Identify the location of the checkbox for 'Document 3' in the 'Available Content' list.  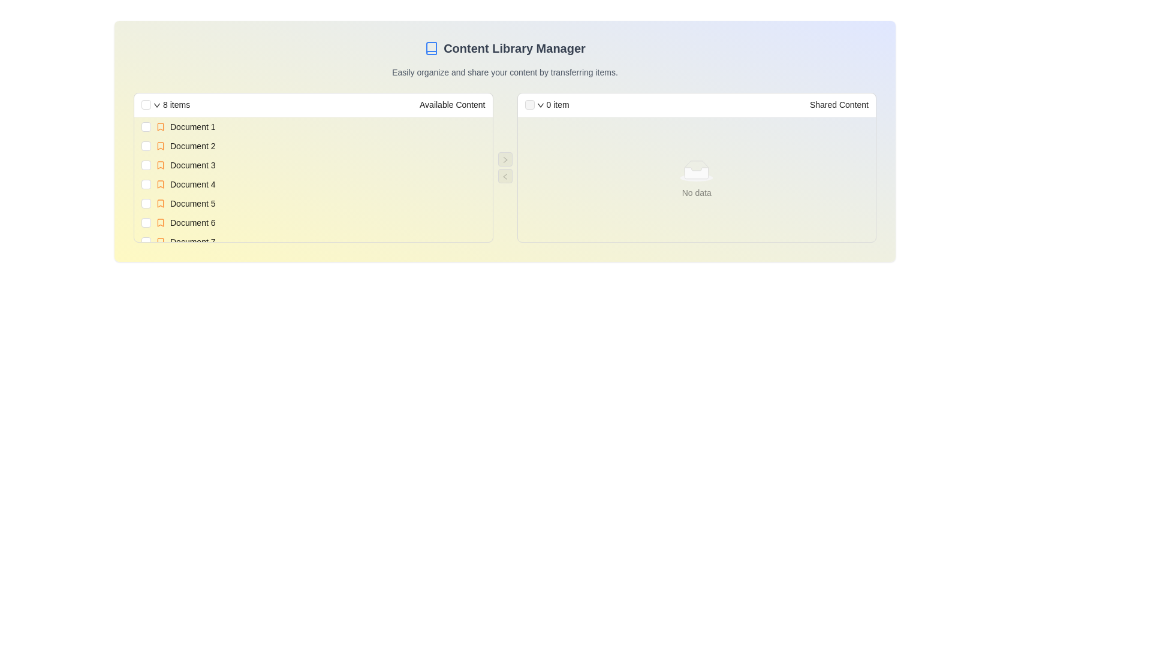
(146, 165).